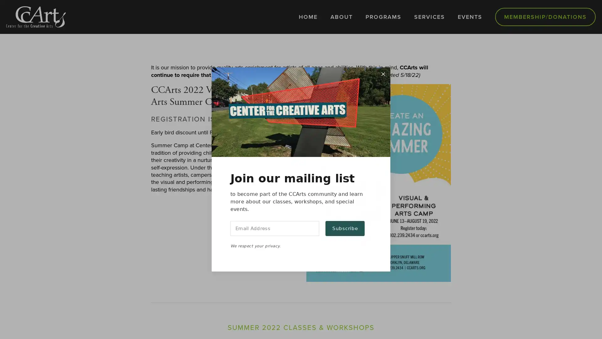  Describe the element at coordinates (344, 229) in the screenshot. I see `Subscribe` at that location.